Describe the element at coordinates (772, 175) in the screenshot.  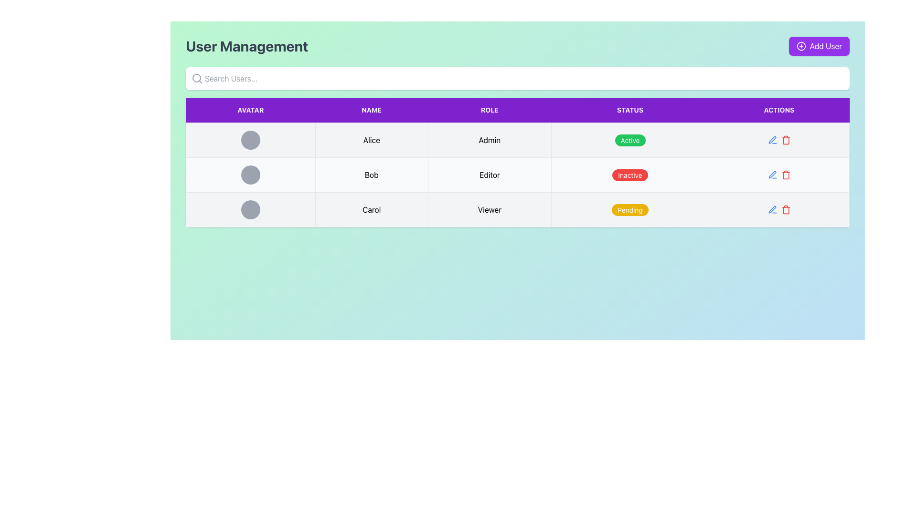
I see `the pen-shaped icon button in the 'Actions' column of the third row` at that location.